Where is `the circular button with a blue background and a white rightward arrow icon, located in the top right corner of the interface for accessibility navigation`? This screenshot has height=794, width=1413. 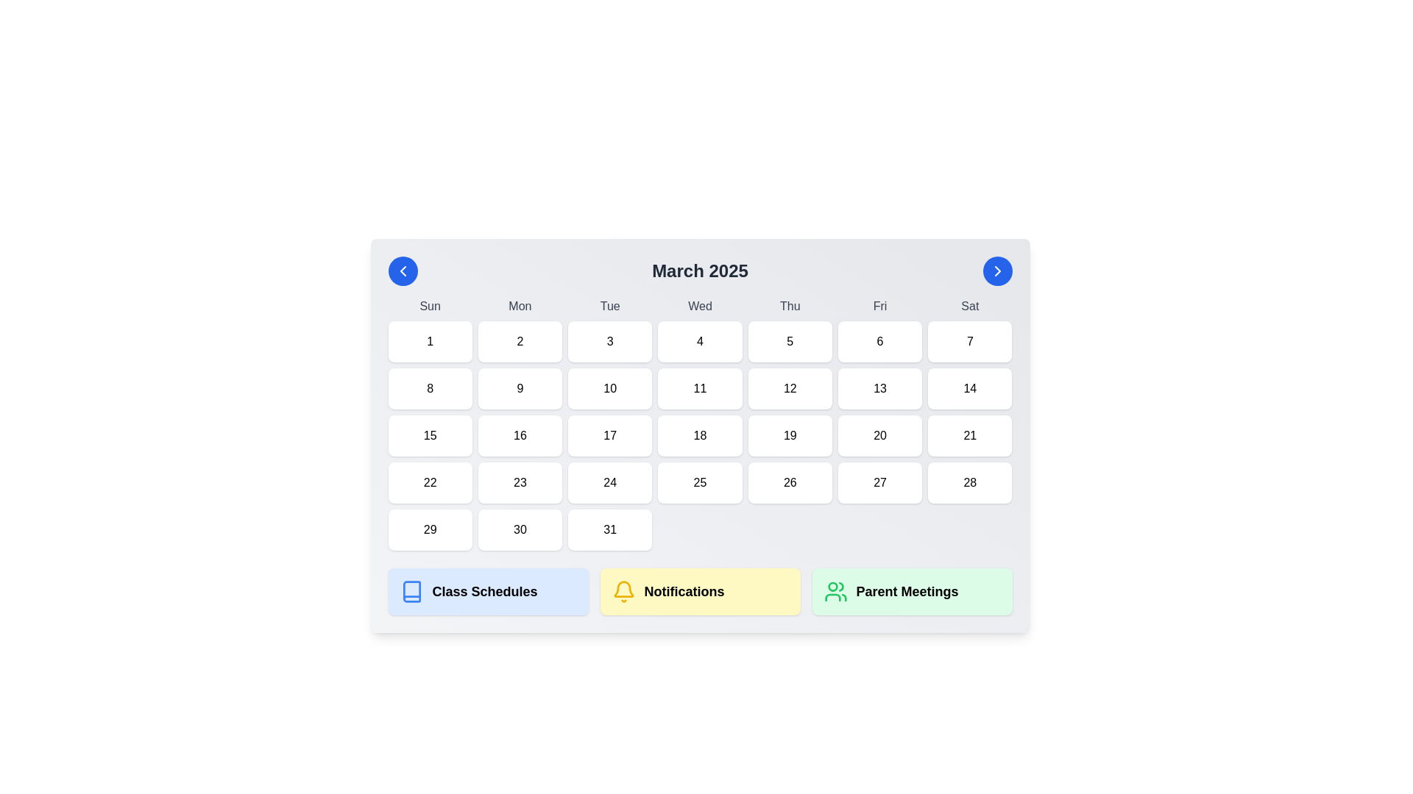
the circular button with a blue background and a white rightward arrow icon, located in the top right corner of the interface for accessibility navigation is located at coordinates (997, 271).